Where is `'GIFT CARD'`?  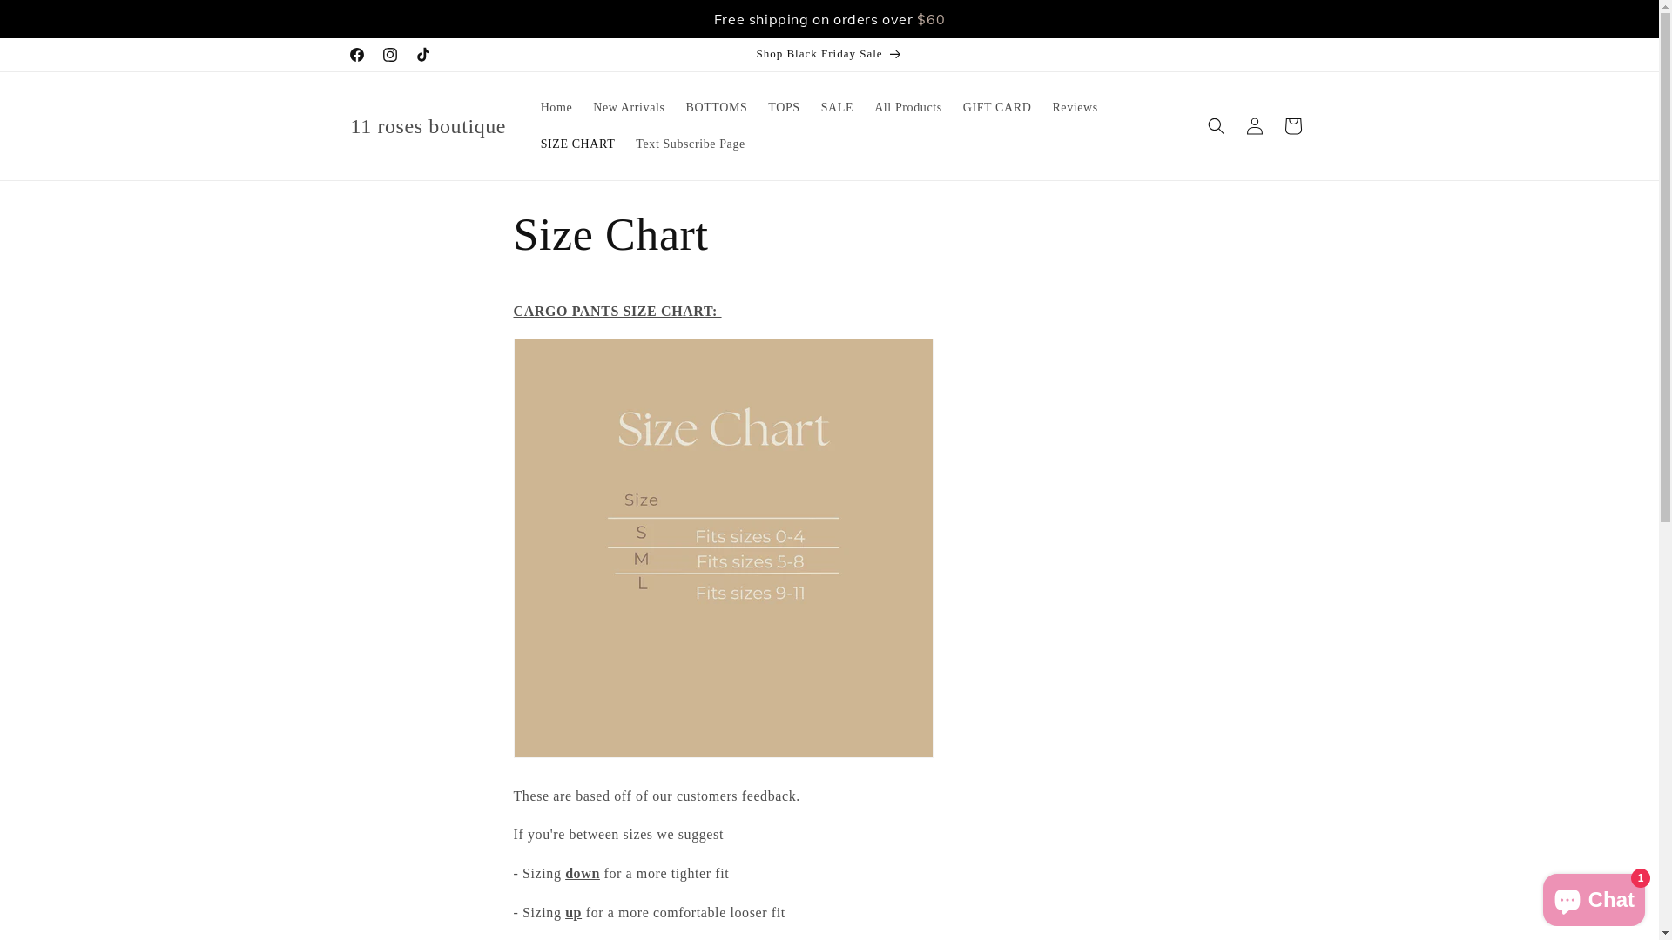
'GIFT CARD' is located at coordinates (997, 107).